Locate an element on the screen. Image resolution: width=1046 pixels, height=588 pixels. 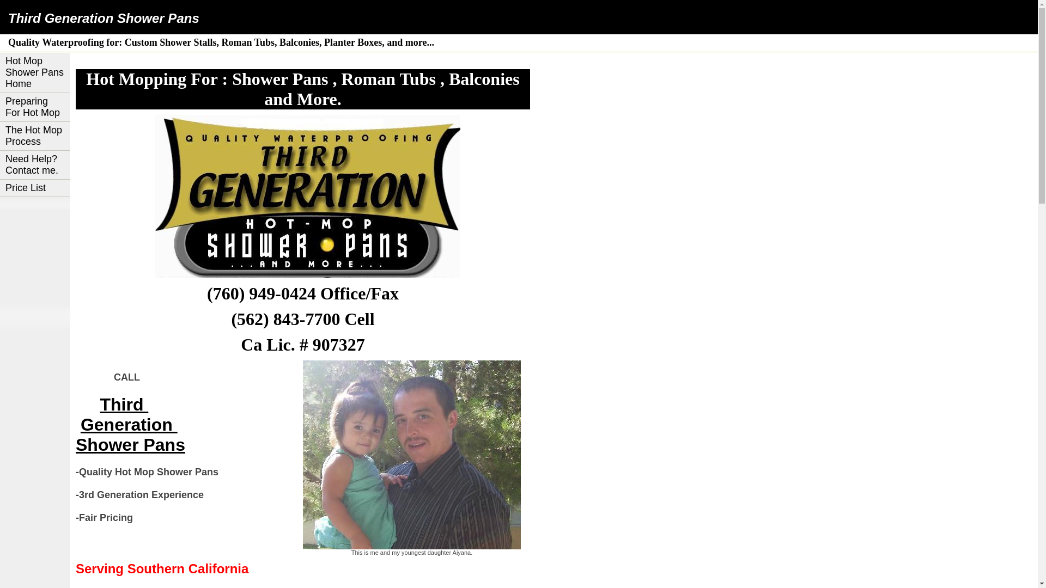
'Price List' is located at coordinates (35, 188).